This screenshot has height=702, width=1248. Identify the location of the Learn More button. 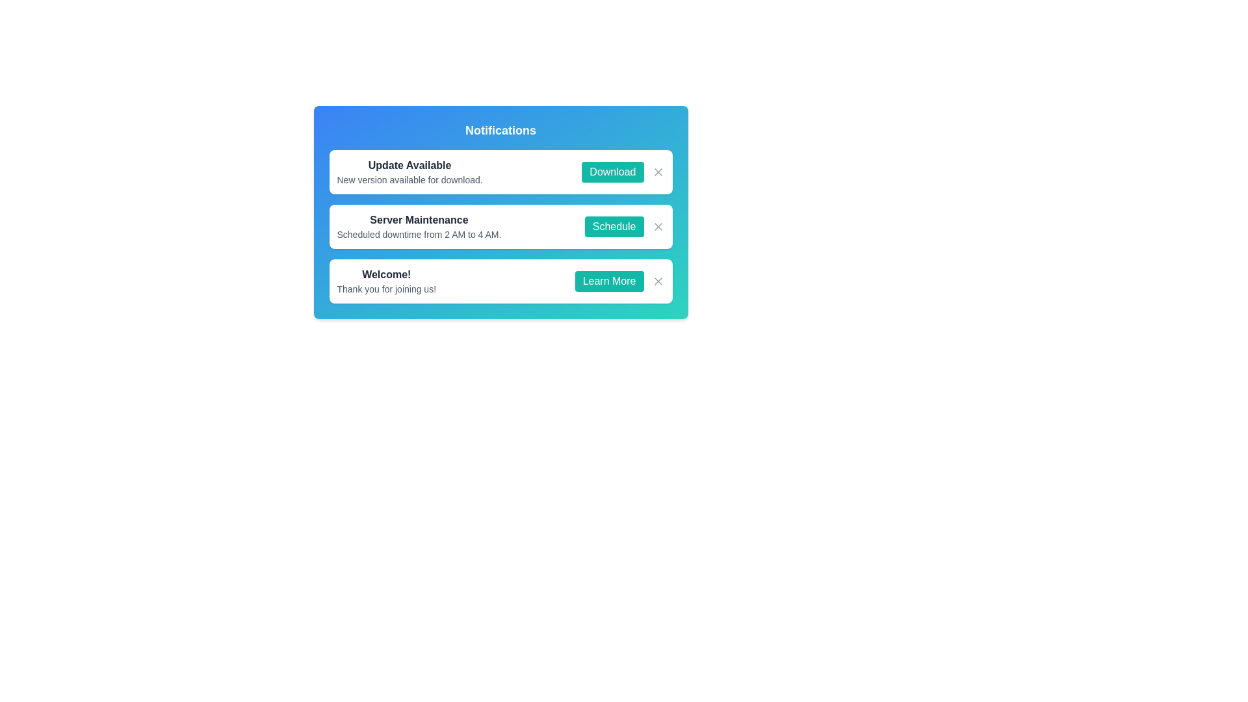
(608, 280).